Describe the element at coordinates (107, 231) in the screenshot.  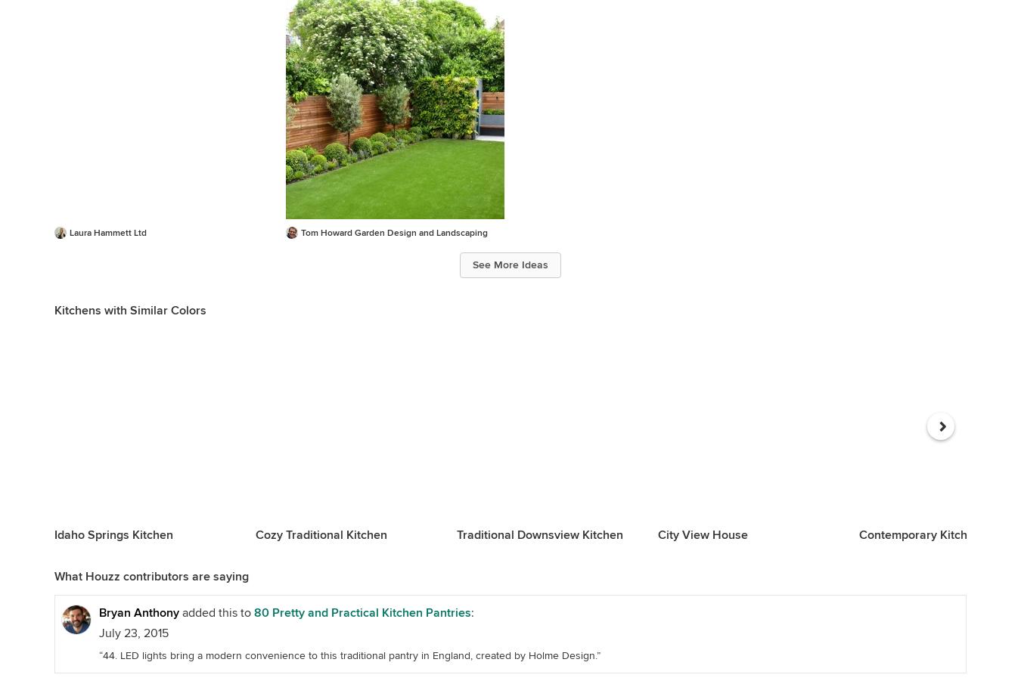
I see `'Laura Hammett Ltd'` at that location.